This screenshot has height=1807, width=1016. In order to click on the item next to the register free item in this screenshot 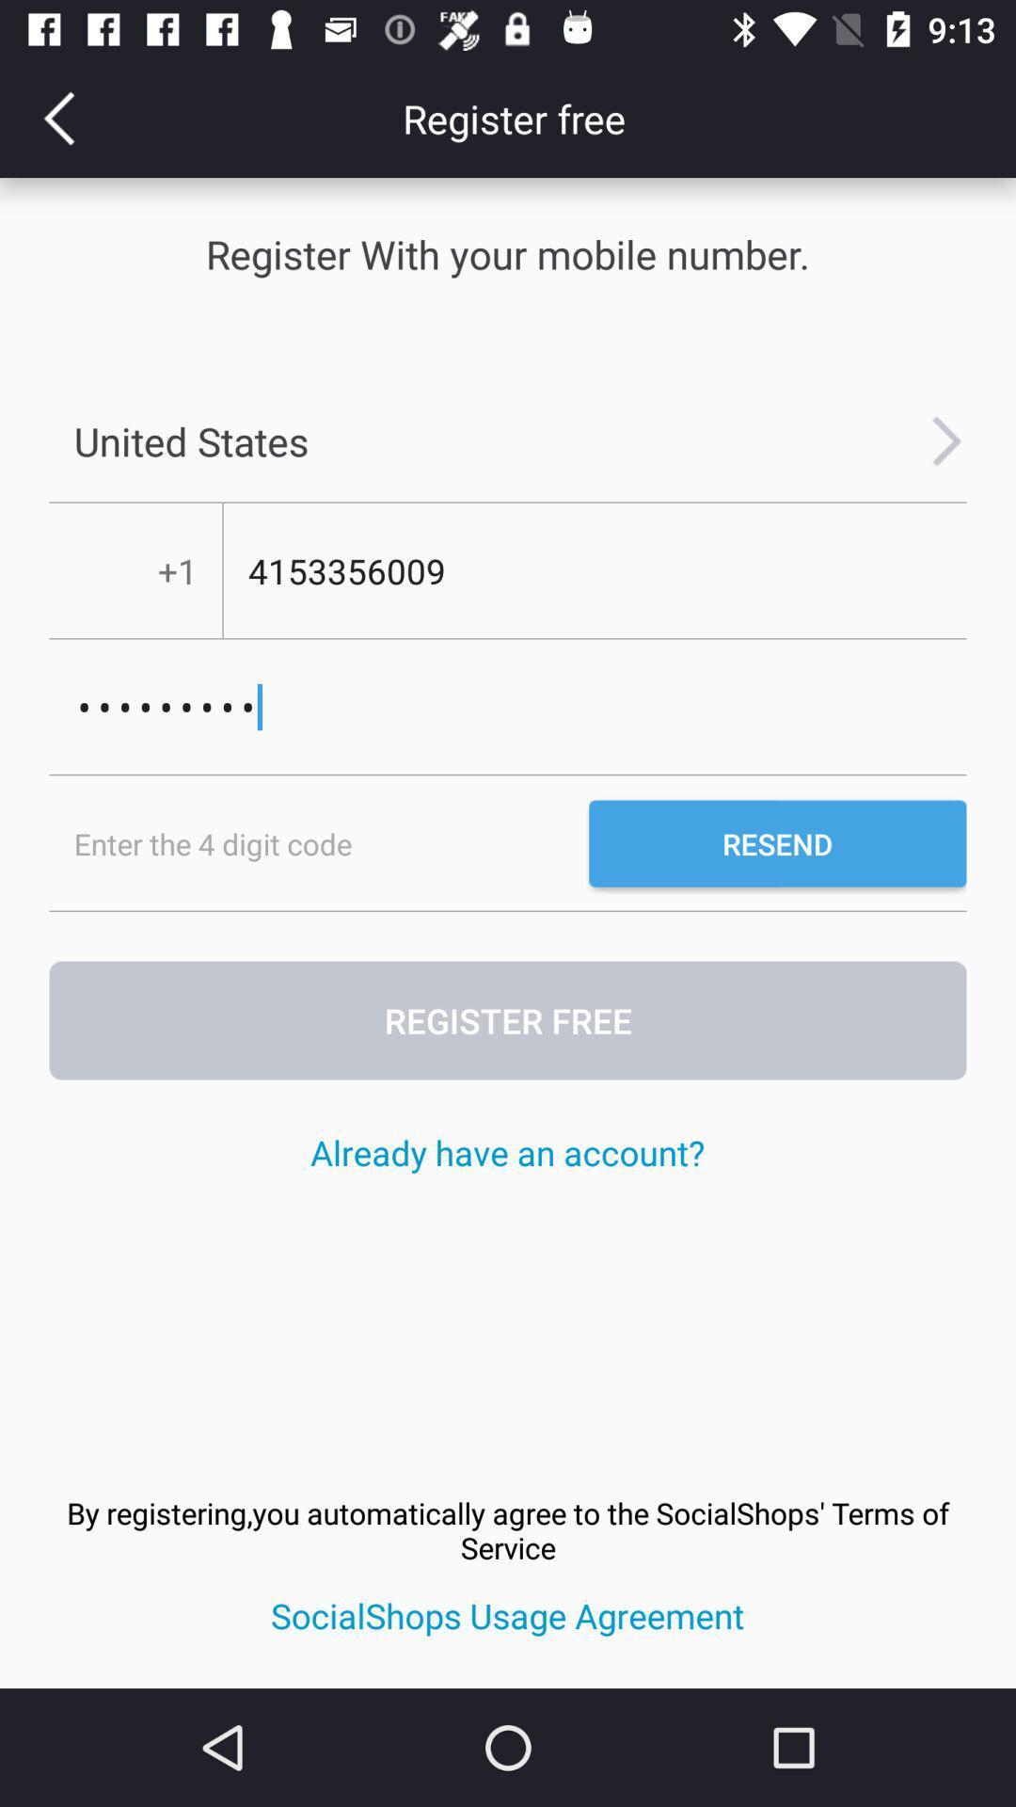, I will do `click(57, 117)`.